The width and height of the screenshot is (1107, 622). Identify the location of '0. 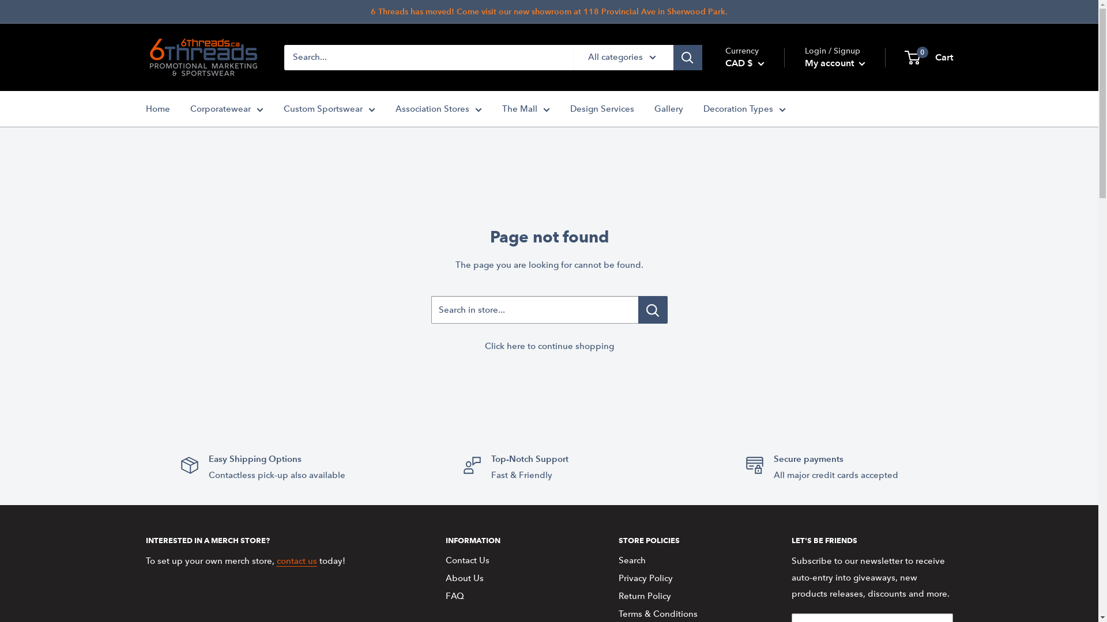
(929, 58).